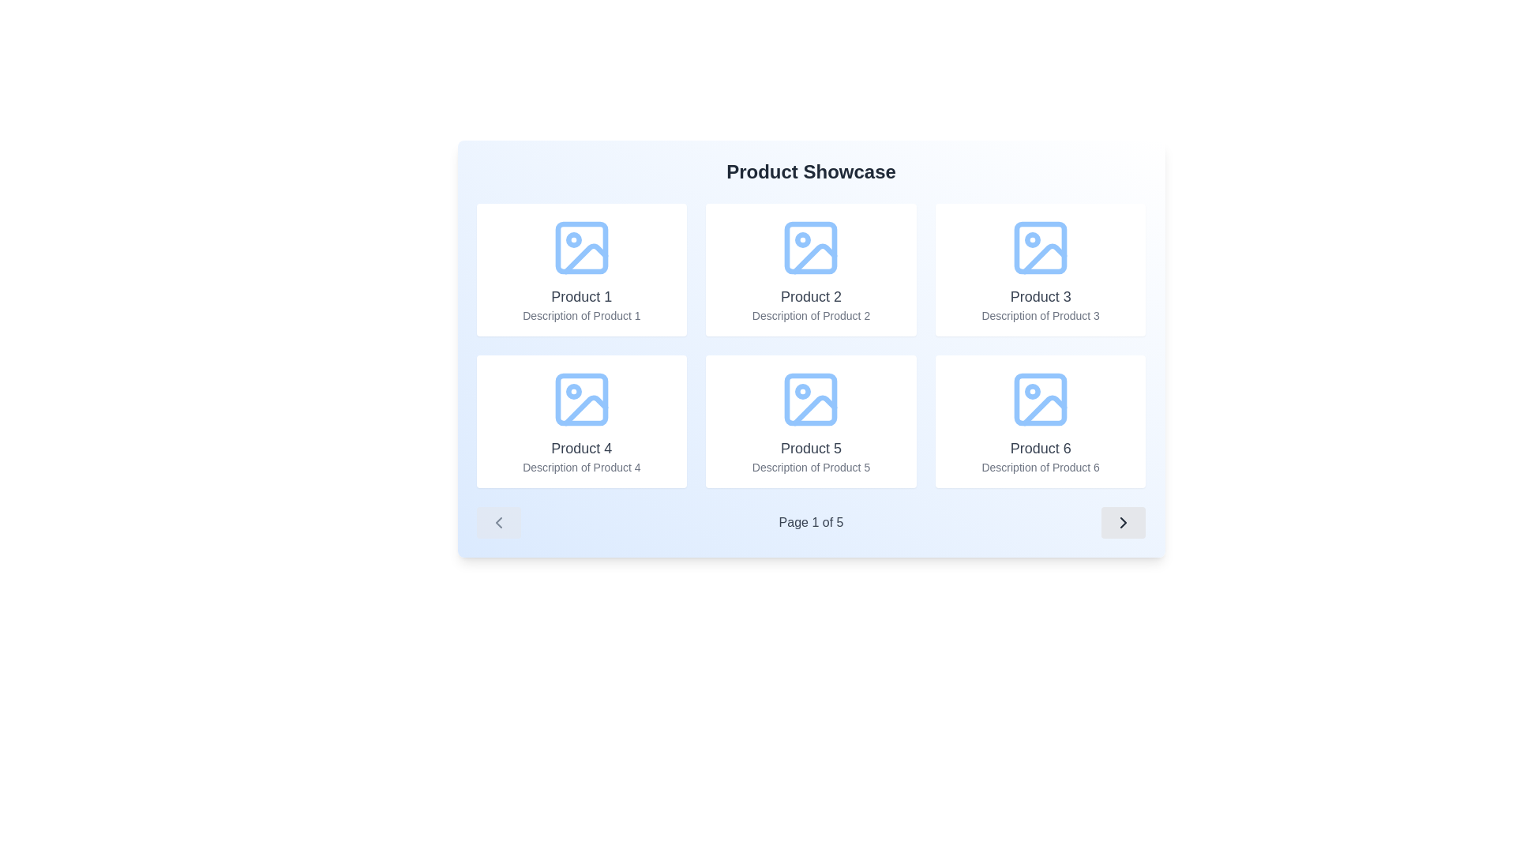 This screenshot has height=853, width=1516. Describe the element at coordinates (811, 247) in the screenshot. I see `the placeholder icon for Product 2, which is the second item in the top row of the 3x2 grid in the 'Product Showcase' section` at that location.